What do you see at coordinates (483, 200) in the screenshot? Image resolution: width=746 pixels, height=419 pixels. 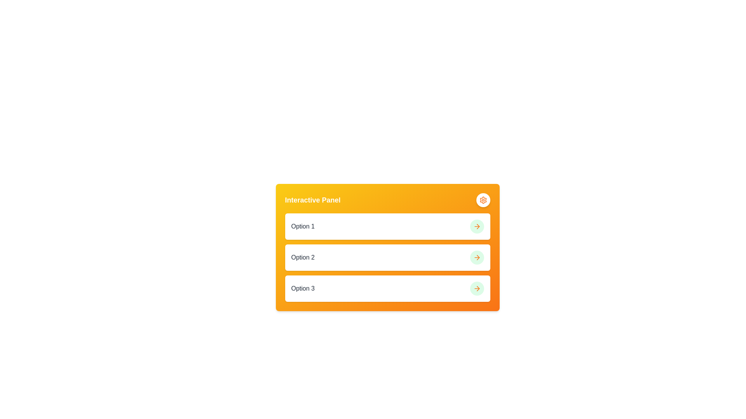 I see `the settings button located at the top-right corner of the Interactive Panel` at bounding box center [483, 200].